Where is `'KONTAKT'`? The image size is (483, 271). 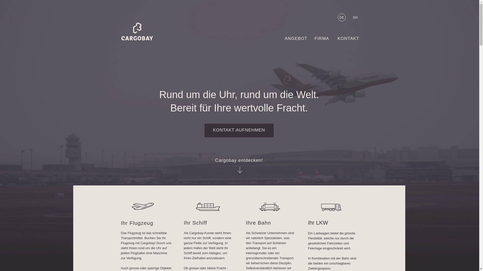 'KONTAKT' is located at coordinates (351, 39).